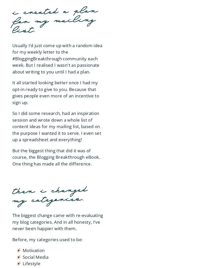  Describe the element at coordinates (36, 257) in the screenshot. I see `'Social Media'` at that location.